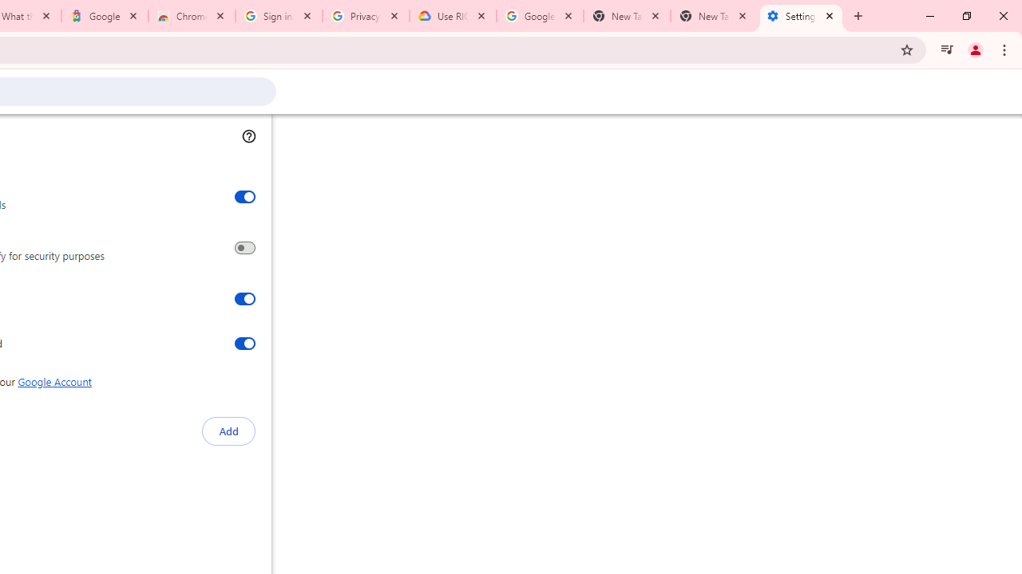  I want to click on 'Settings - Payment methods', so click(801, 16).